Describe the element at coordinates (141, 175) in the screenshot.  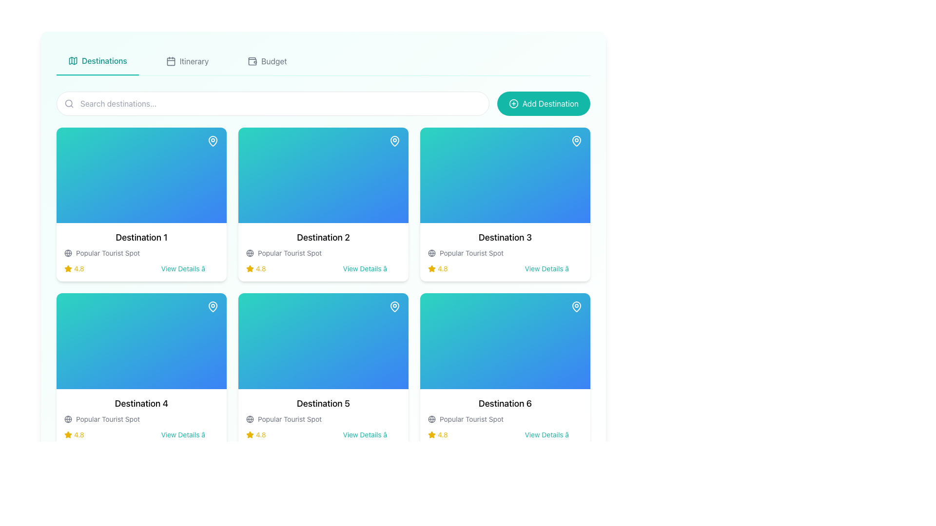
I see `the Decorative background element featuring a gradient from teal to blue with a rounded corner, located in the top left card below the search bar and to the right of the Destinations tab` at that location.